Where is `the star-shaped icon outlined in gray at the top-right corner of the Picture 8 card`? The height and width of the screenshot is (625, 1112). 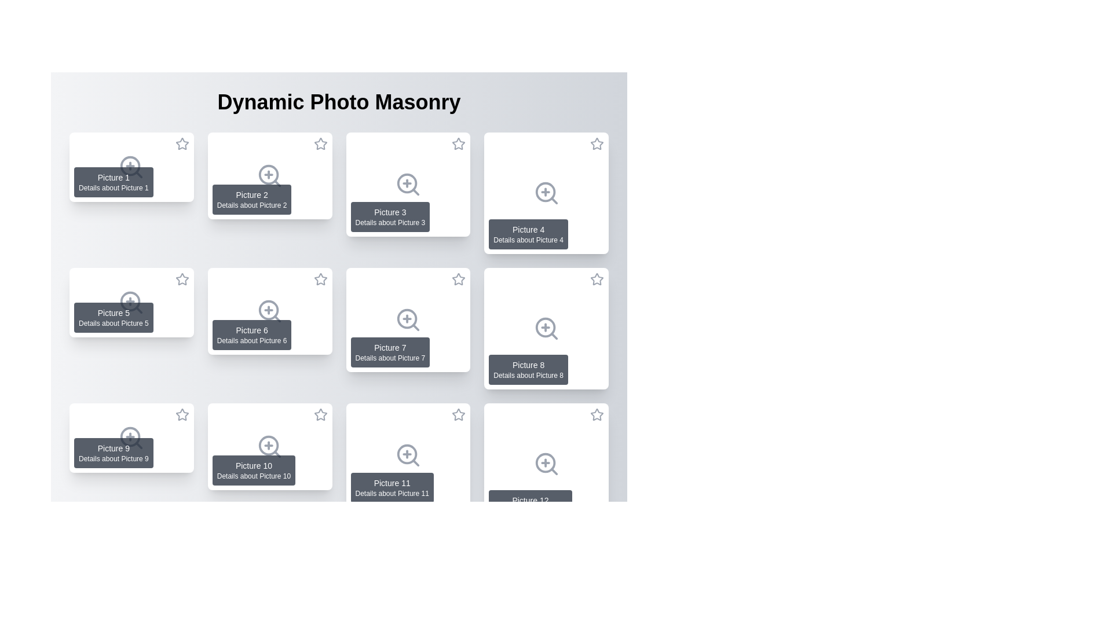
the star-shaped icon outlined in gray at the top-right corner of the Picture 8 card is located at coordinates (597, 279).